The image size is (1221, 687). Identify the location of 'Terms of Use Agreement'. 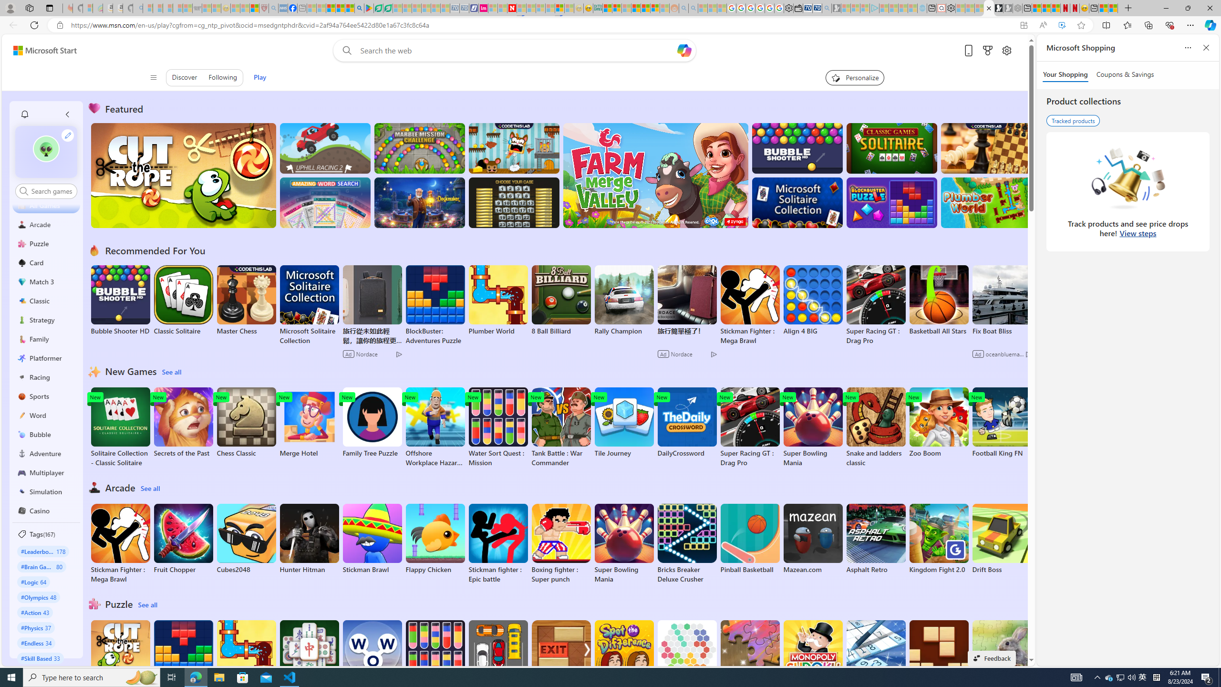
(378, 8).